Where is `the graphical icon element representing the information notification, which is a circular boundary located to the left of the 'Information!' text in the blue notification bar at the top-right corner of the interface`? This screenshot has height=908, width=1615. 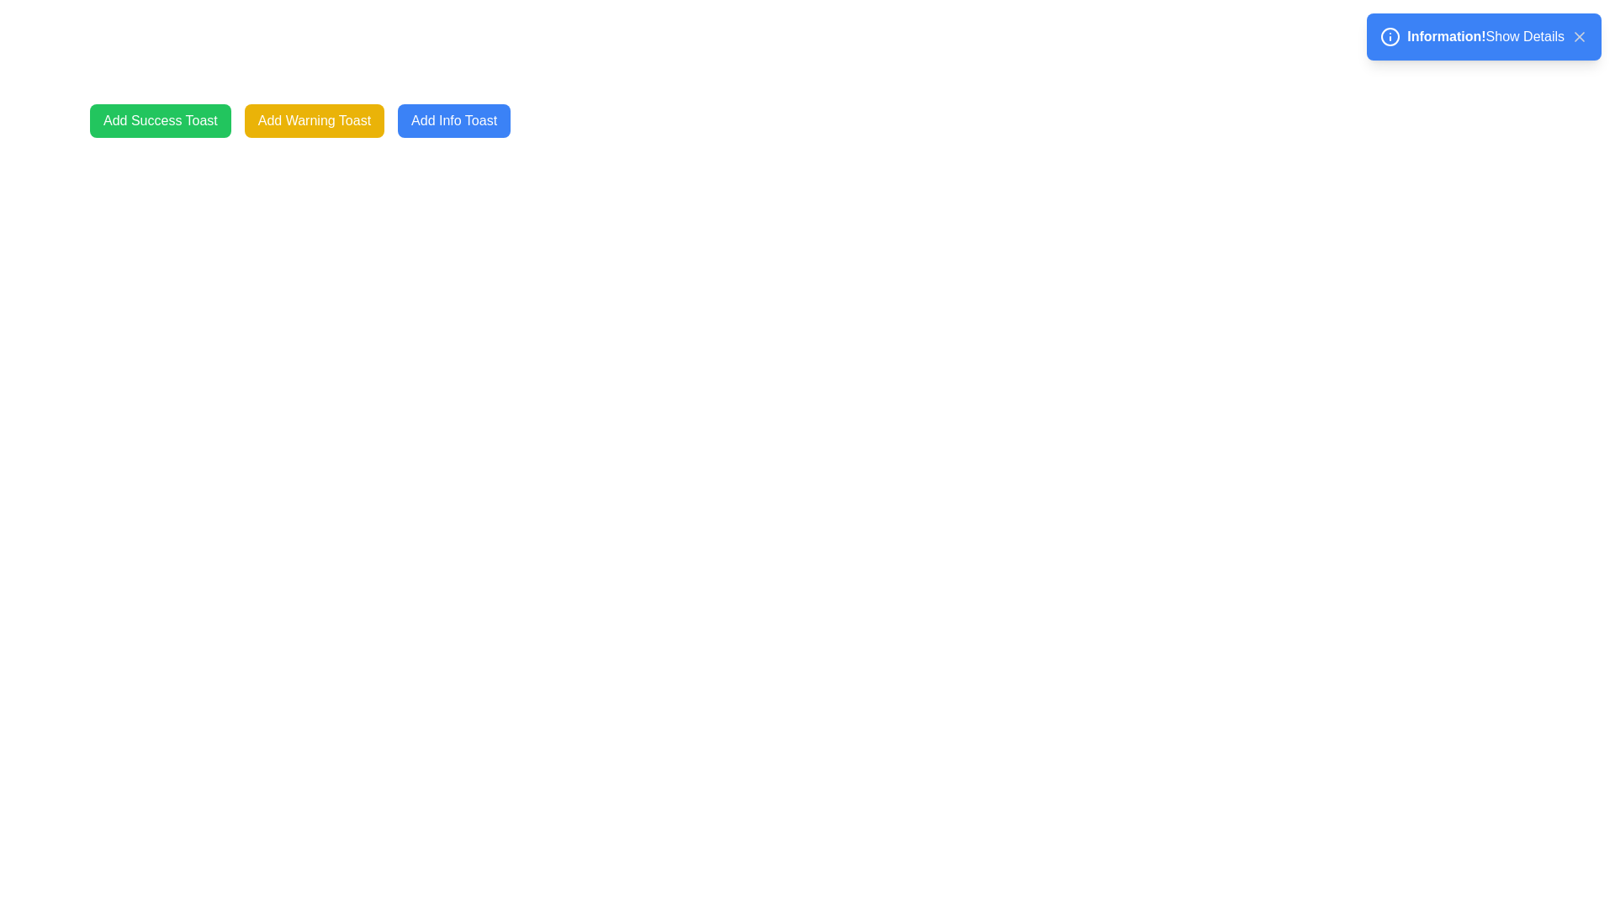 the graphical icon element representing the information notification, which is a circular boundary located to the left of the 'Information!' text in the blue notification bar at the top-right corner of the interface is located at coordinates (1390, 36).